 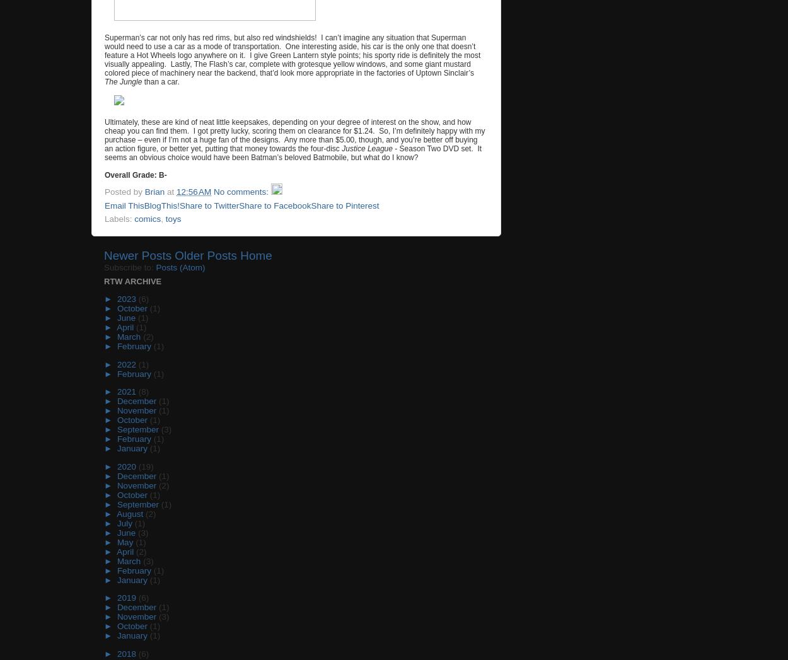 I want to click on 'Brian', so click(x=154, y=191).